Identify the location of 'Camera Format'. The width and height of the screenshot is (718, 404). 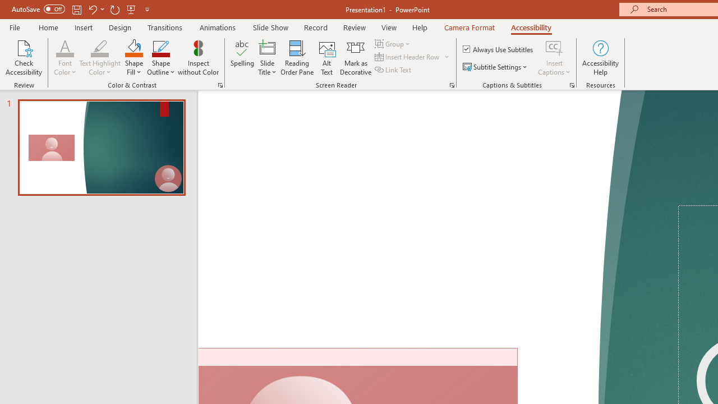
(470, 27).